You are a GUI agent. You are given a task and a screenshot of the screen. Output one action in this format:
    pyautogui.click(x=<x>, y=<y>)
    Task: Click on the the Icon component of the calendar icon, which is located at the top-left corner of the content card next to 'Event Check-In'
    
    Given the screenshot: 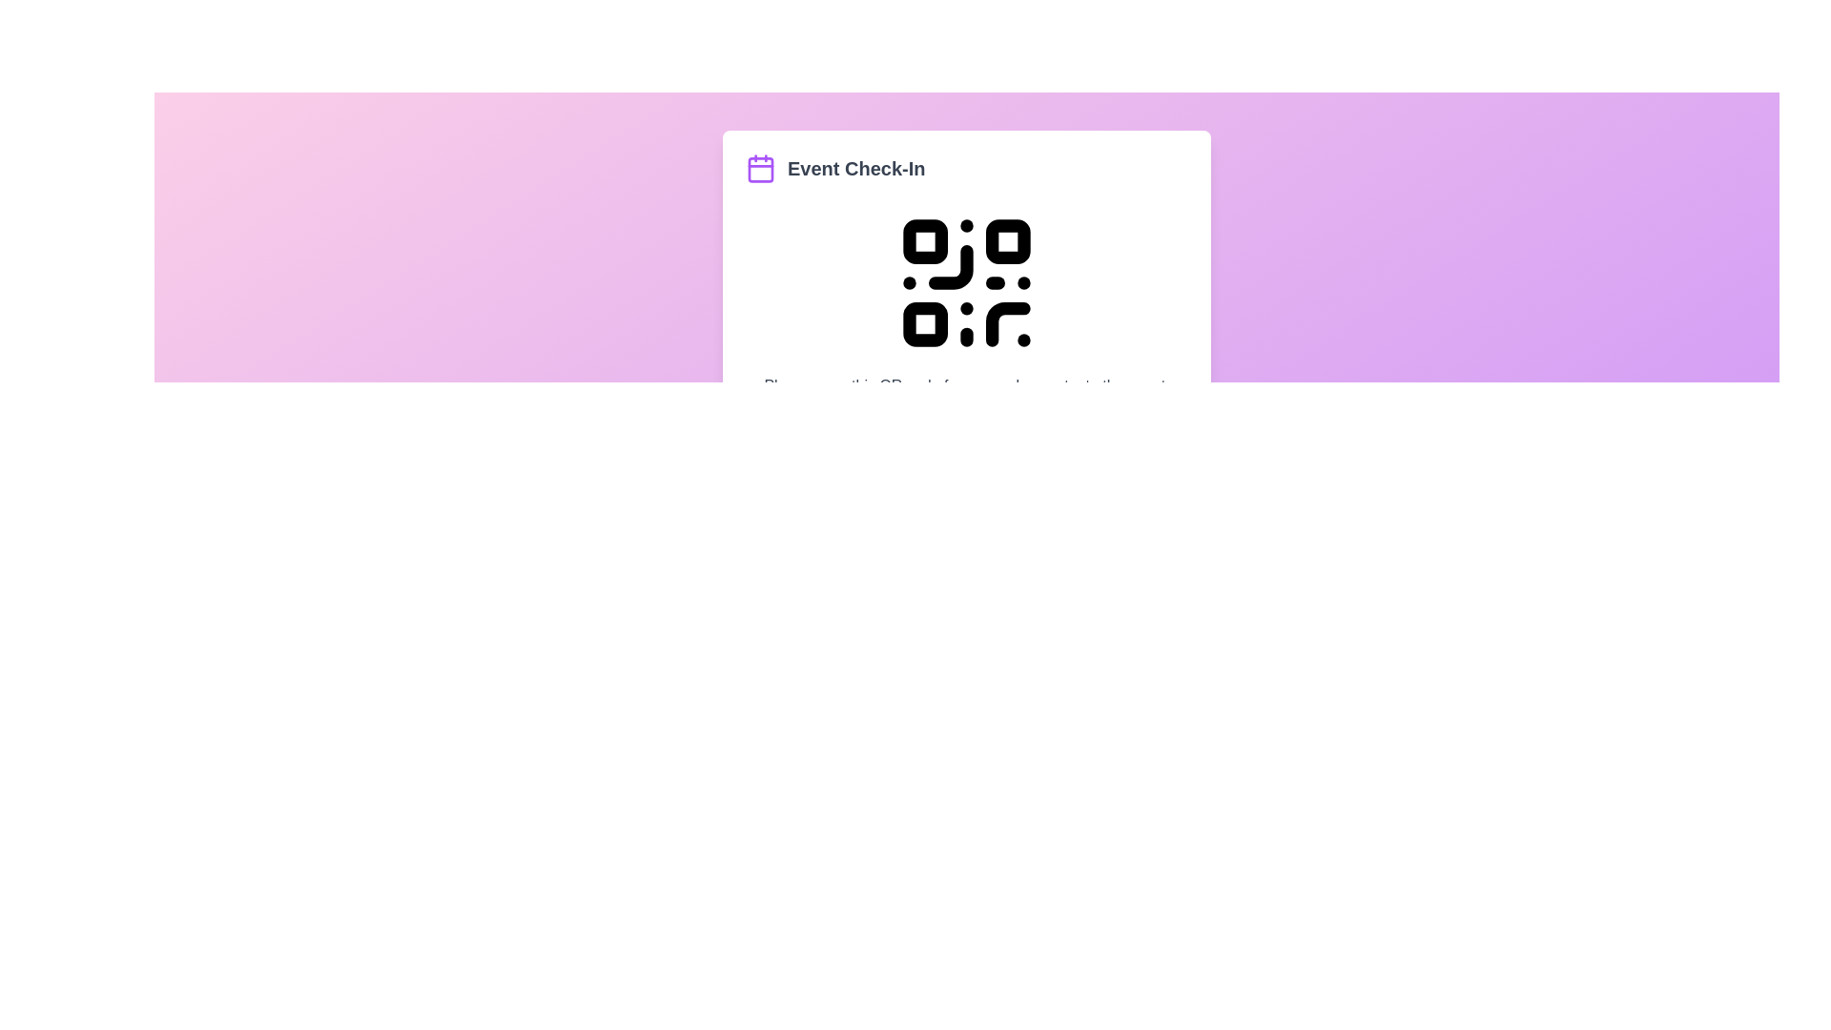 What is the action you would take?
    pyautogui.click(x=759, y=168)
    